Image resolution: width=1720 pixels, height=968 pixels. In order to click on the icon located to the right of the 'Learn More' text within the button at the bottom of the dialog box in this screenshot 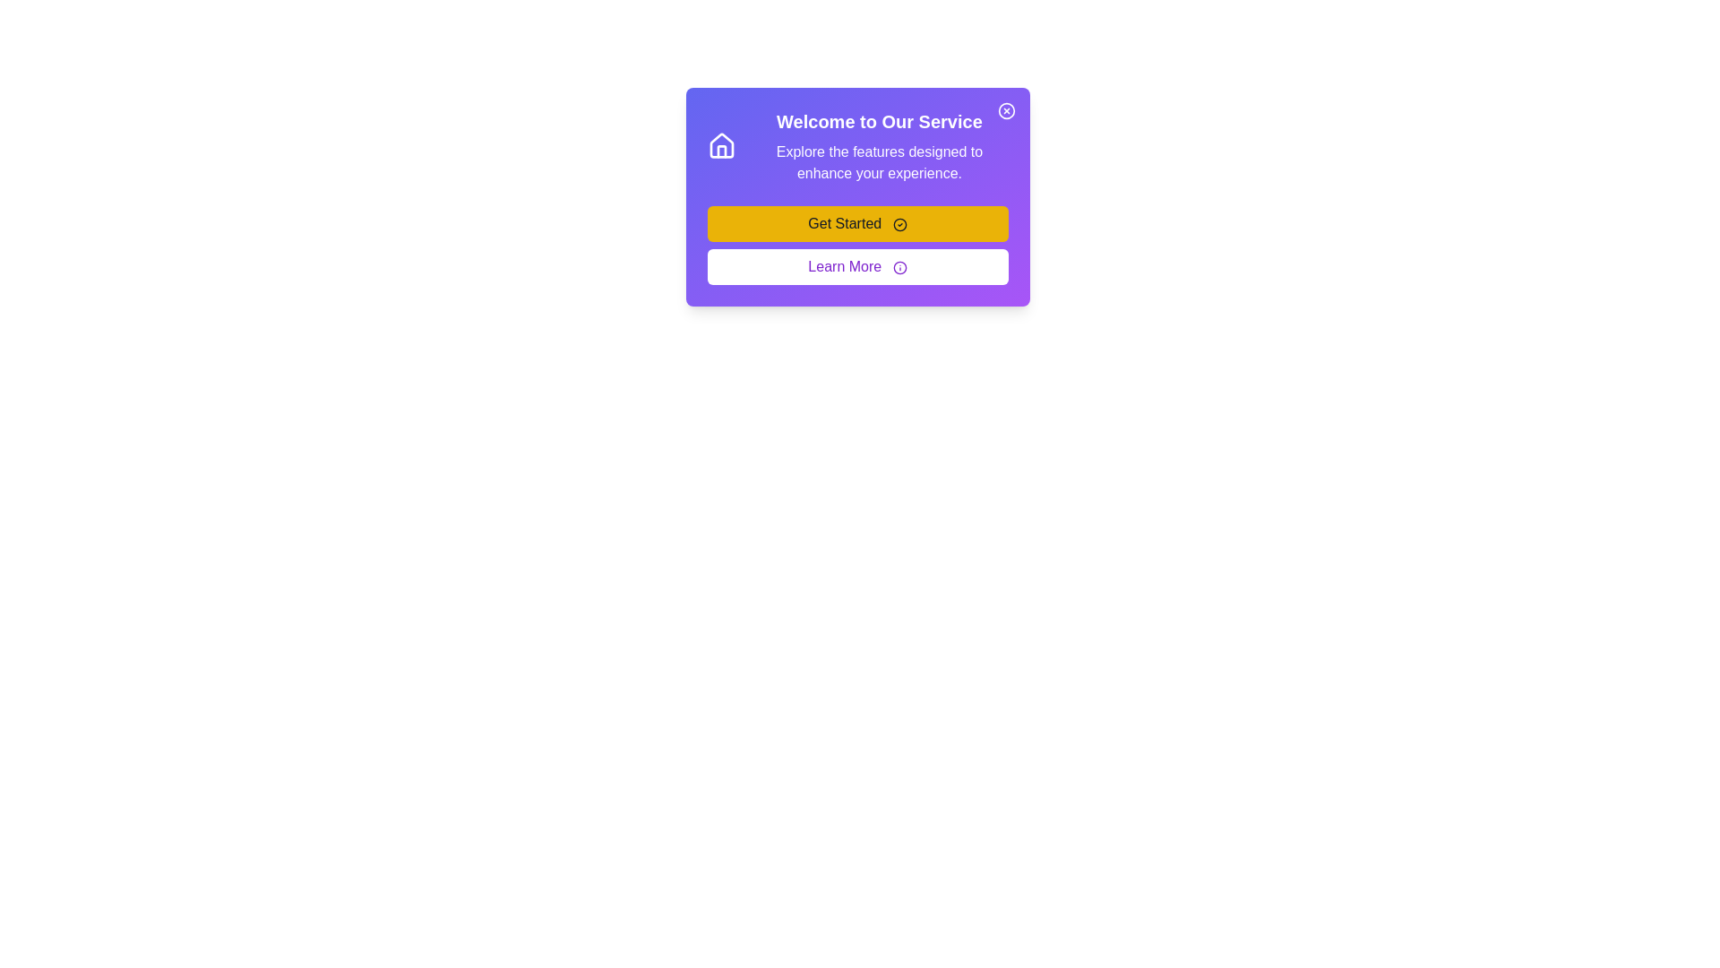, I will do `click(899, 267)`.